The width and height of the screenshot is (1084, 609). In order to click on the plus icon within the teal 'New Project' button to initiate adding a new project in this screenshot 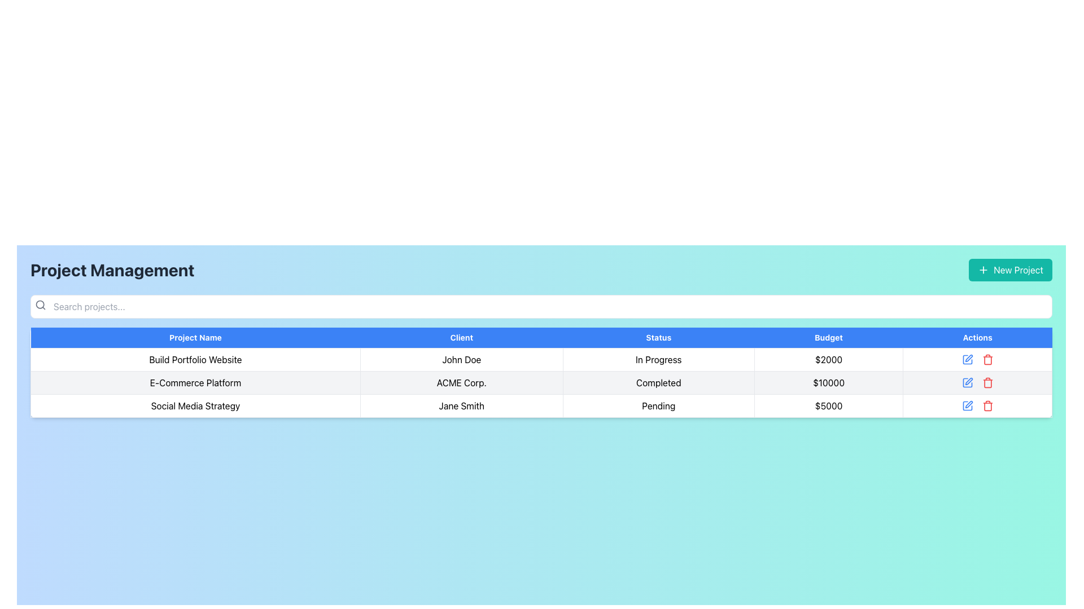, I will do `click(983, 270)`.